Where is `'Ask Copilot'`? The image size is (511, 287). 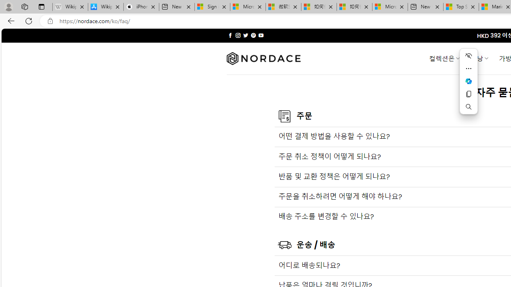 'Ask Copilot' is located at coordinates (468, 81).